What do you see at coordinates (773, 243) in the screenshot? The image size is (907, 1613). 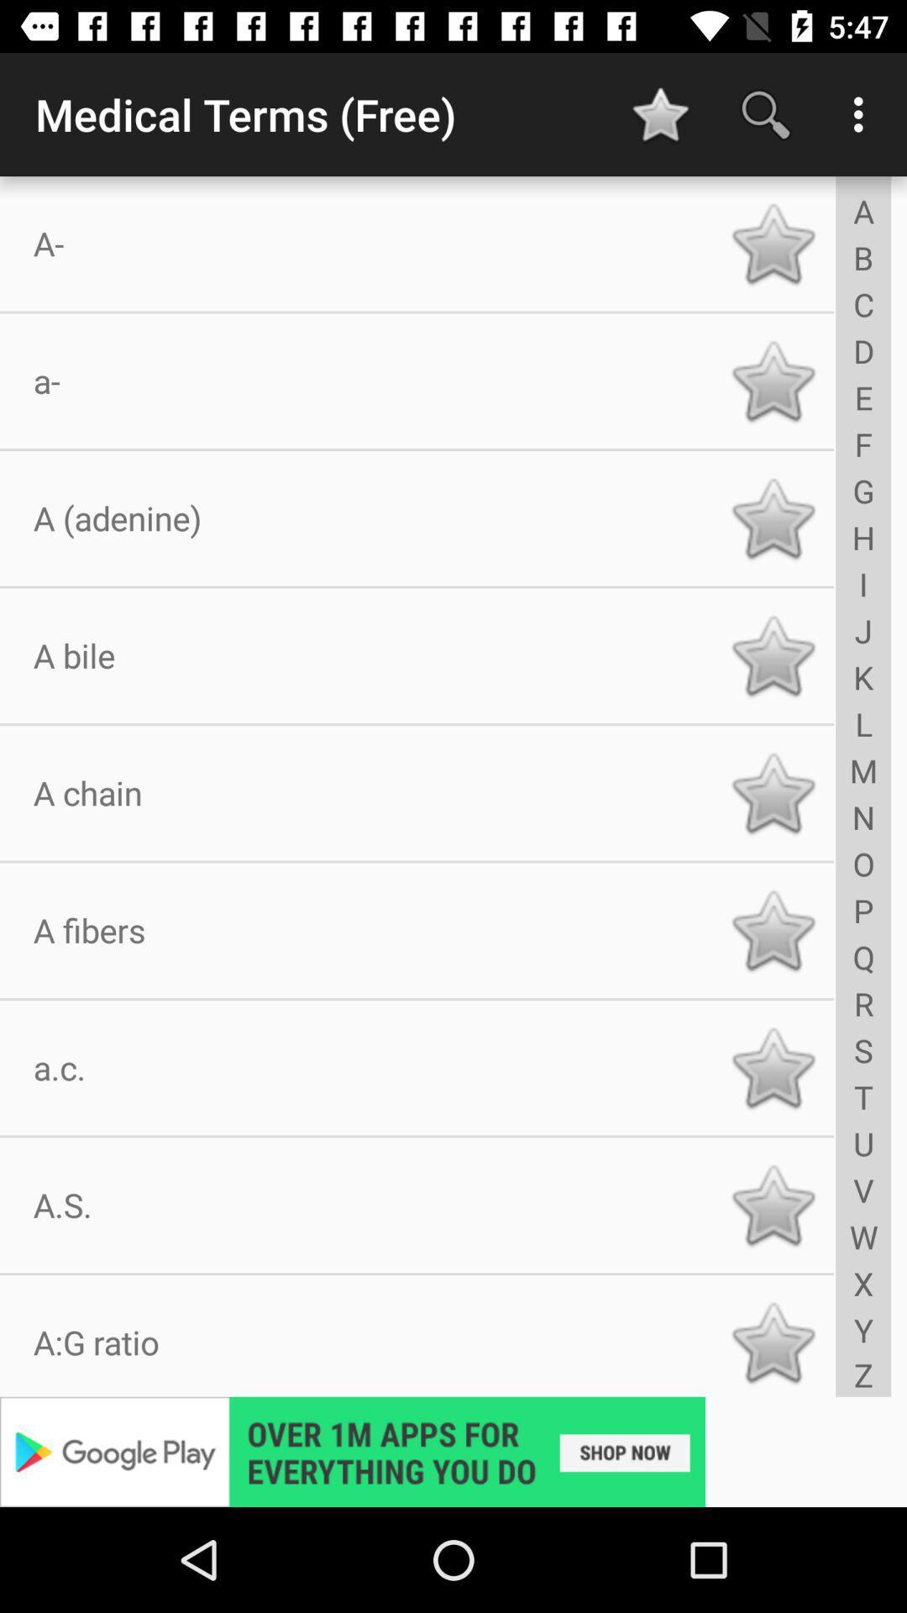 I see `medical terms listed under a-` at bounding box center [773, 243].